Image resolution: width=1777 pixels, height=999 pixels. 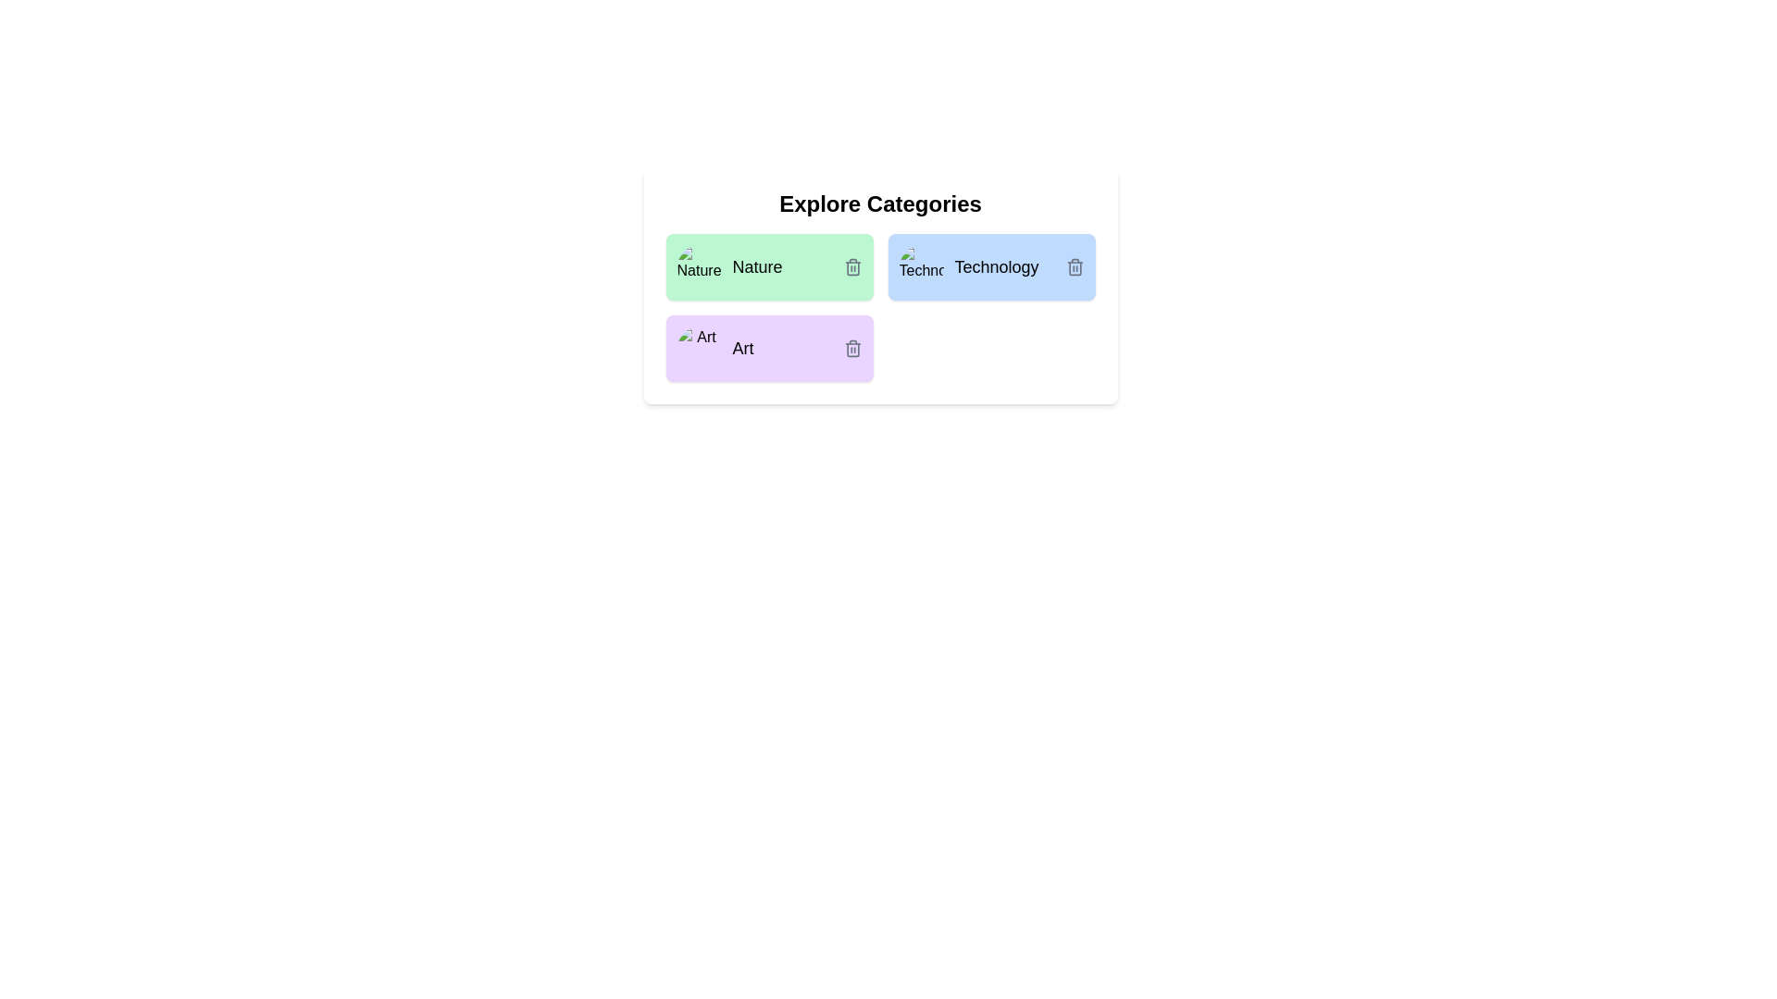 I want to click on the delete button of the chip labeled Technology, so click(x=1075, y=267).